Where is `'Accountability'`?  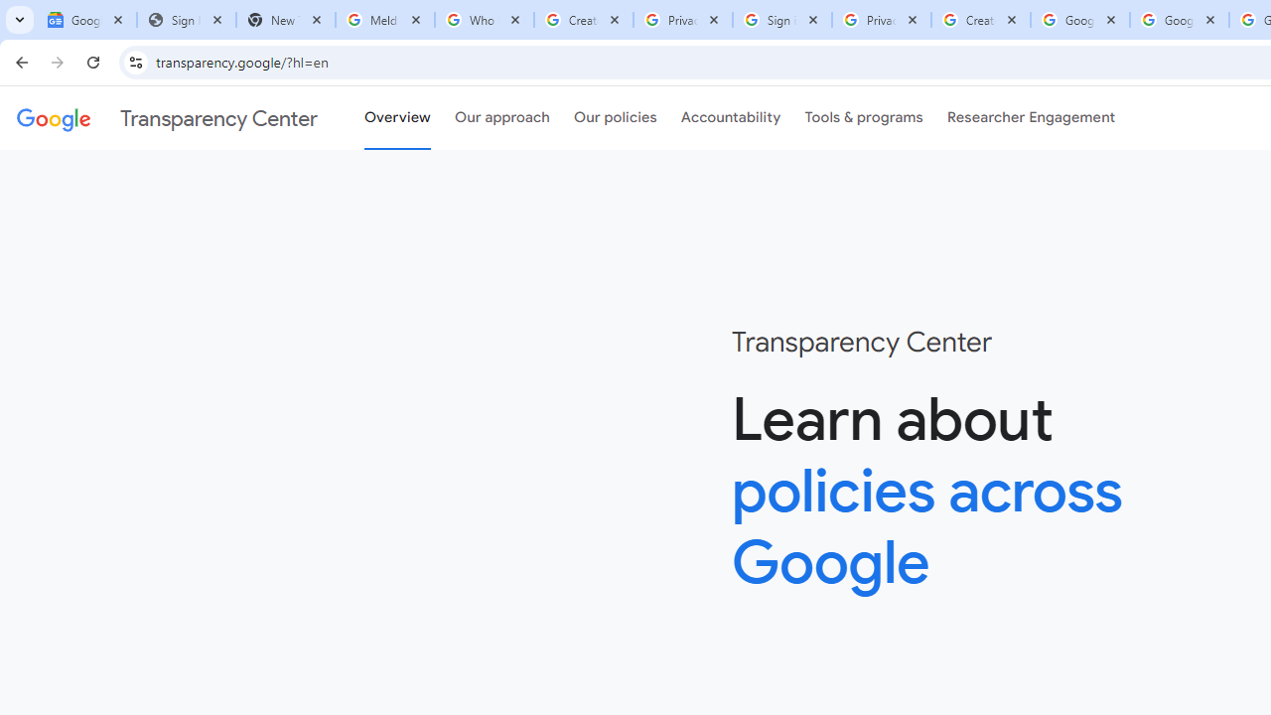 'Accountability' is located at coordinates (730, 118).